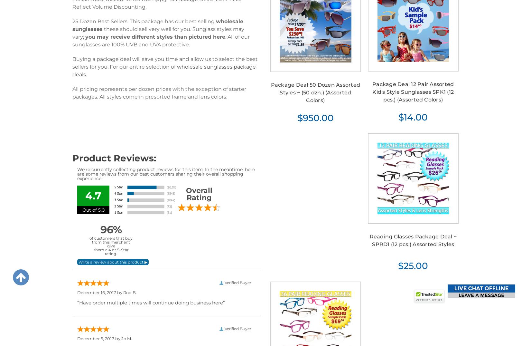 The height and width of the screenshot is (346, 531). What do you see at coordinates (161, 40) in the screenshot?
I see `'. All of our sunglasses are 100% UVB and UVA protective.'` at bounding box center [161, 40].